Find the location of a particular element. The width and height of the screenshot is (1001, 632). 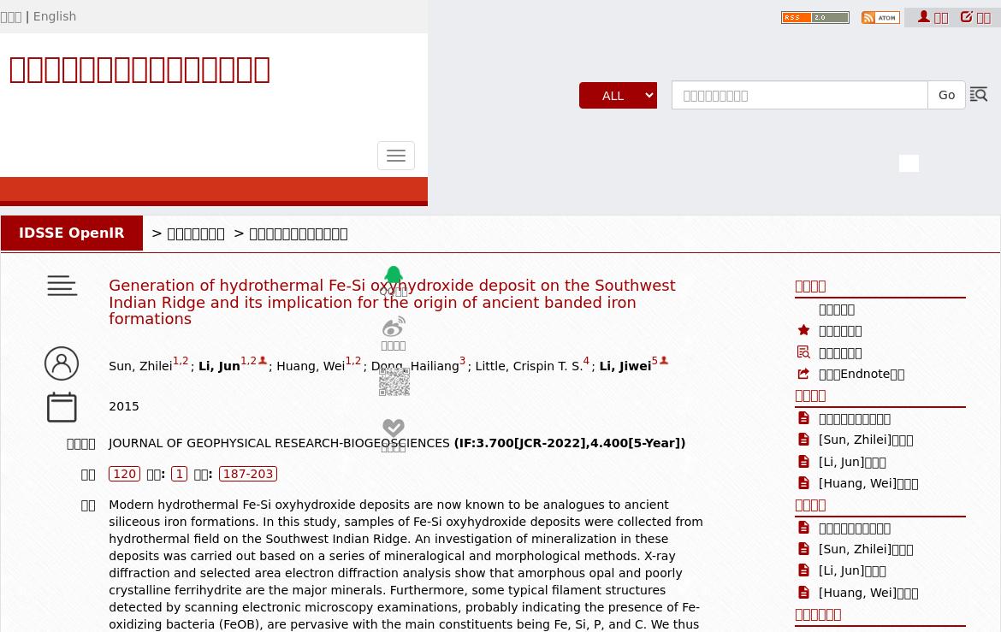

'IDSSE OpenIR' is located at coordinates (71, 232).